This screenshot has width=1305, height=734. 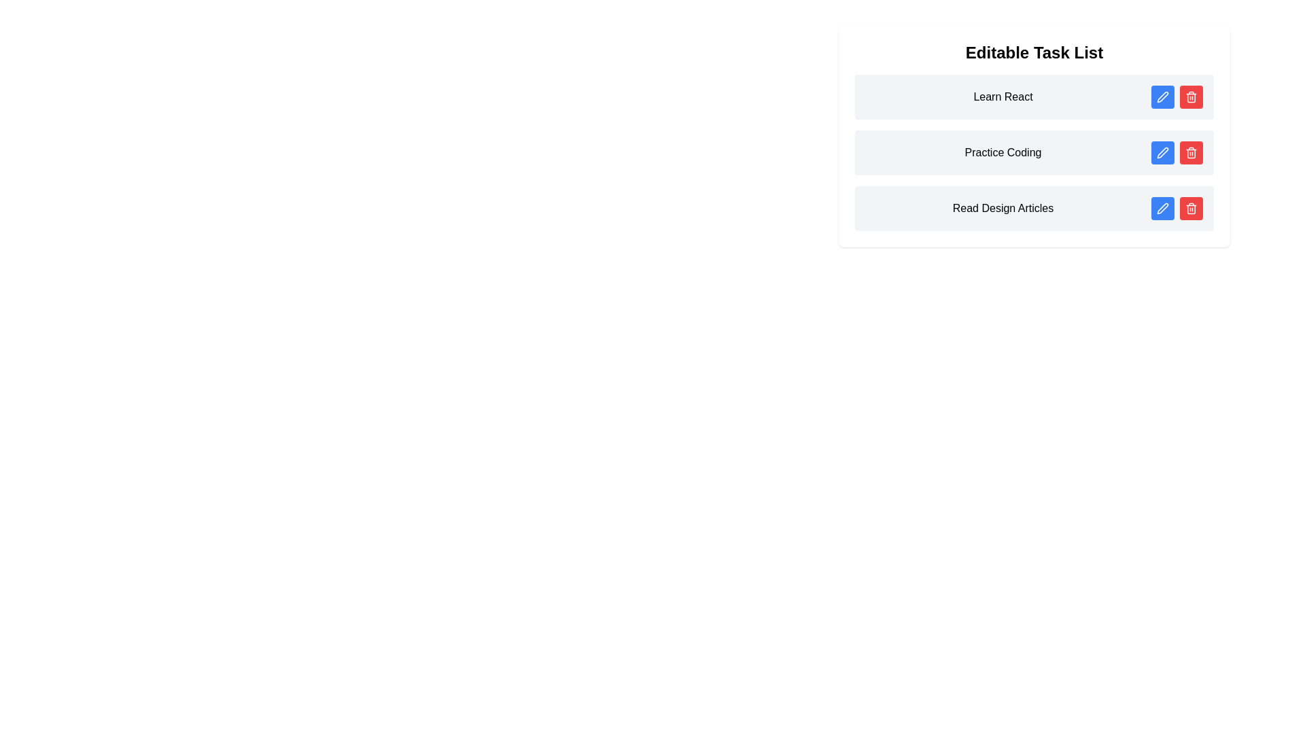 What do you see at coordinates (1177, 96) in the screenshot?
I see `the red button with a trash bin icon` at bounding box center [1177, 96].